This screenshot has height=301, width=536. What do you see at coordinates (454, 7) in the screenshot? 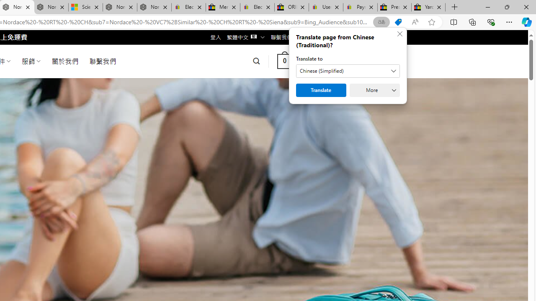
I see `'New Tab'` at bounding box center [454, 7].